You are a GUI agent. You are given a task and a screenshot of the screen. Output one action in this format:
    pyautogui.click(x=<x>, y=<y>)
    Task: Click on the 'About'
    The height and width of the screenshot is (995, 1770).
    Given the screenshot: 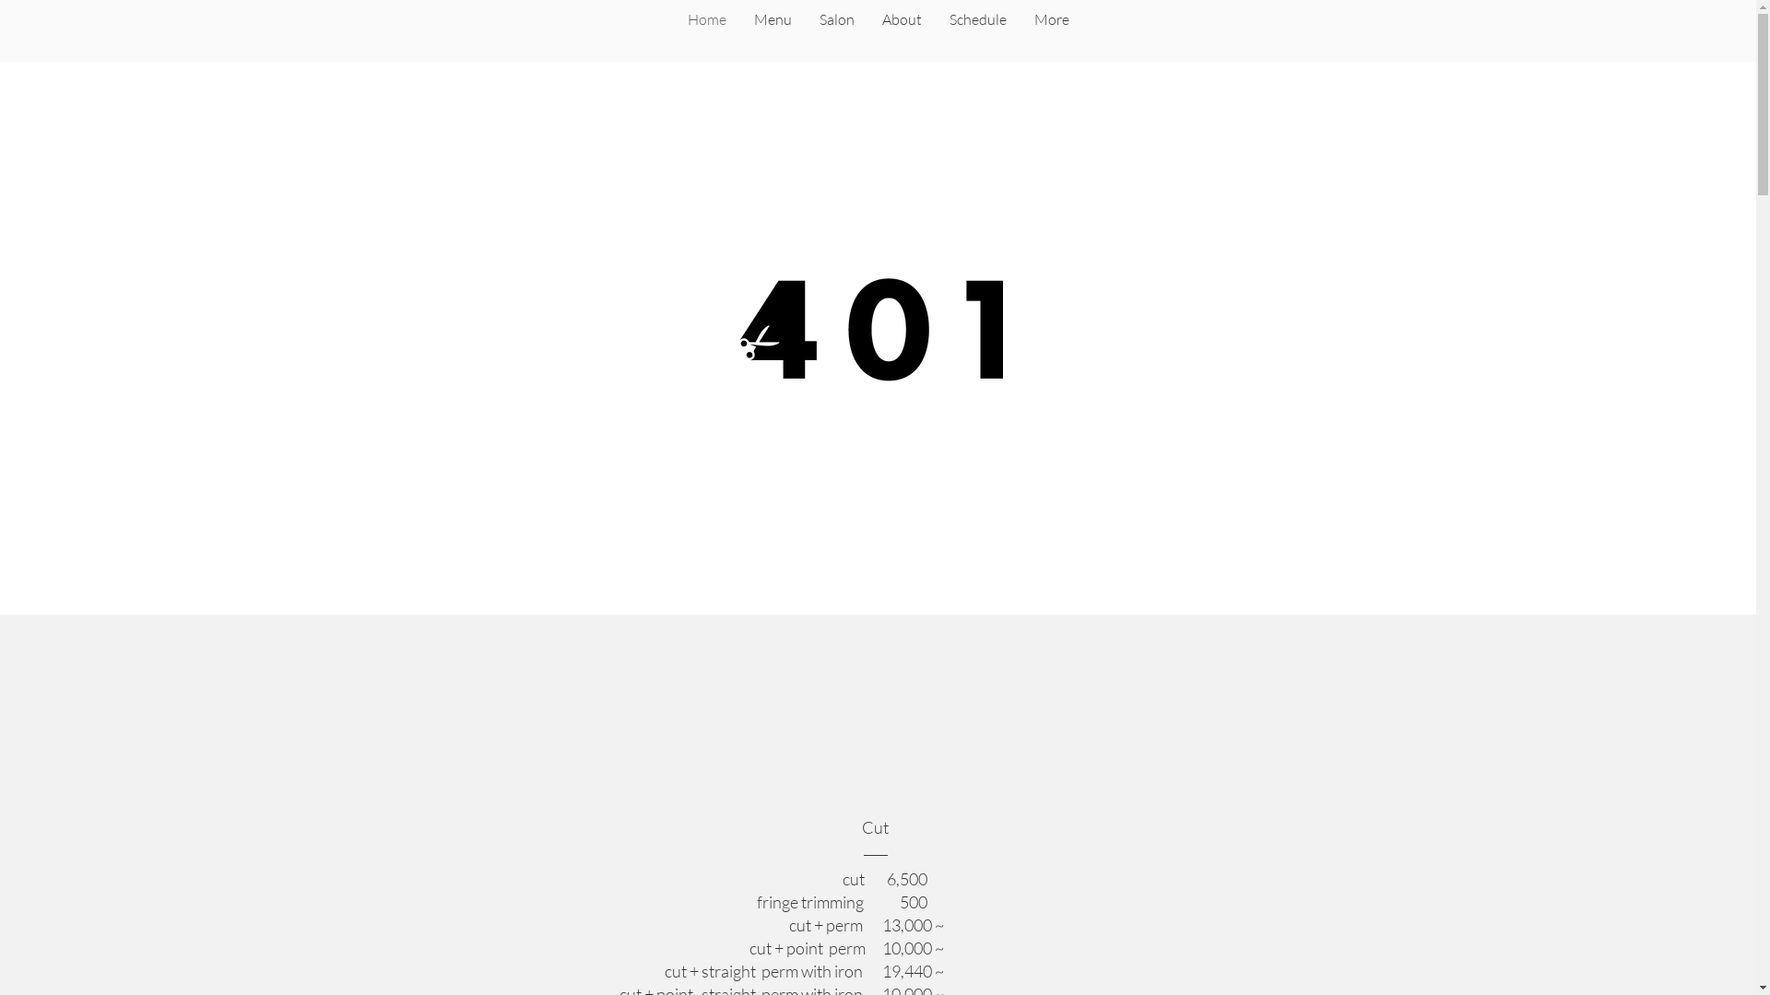 What is the action you would take?
    pyautogui.click(x=902, y=31)
    